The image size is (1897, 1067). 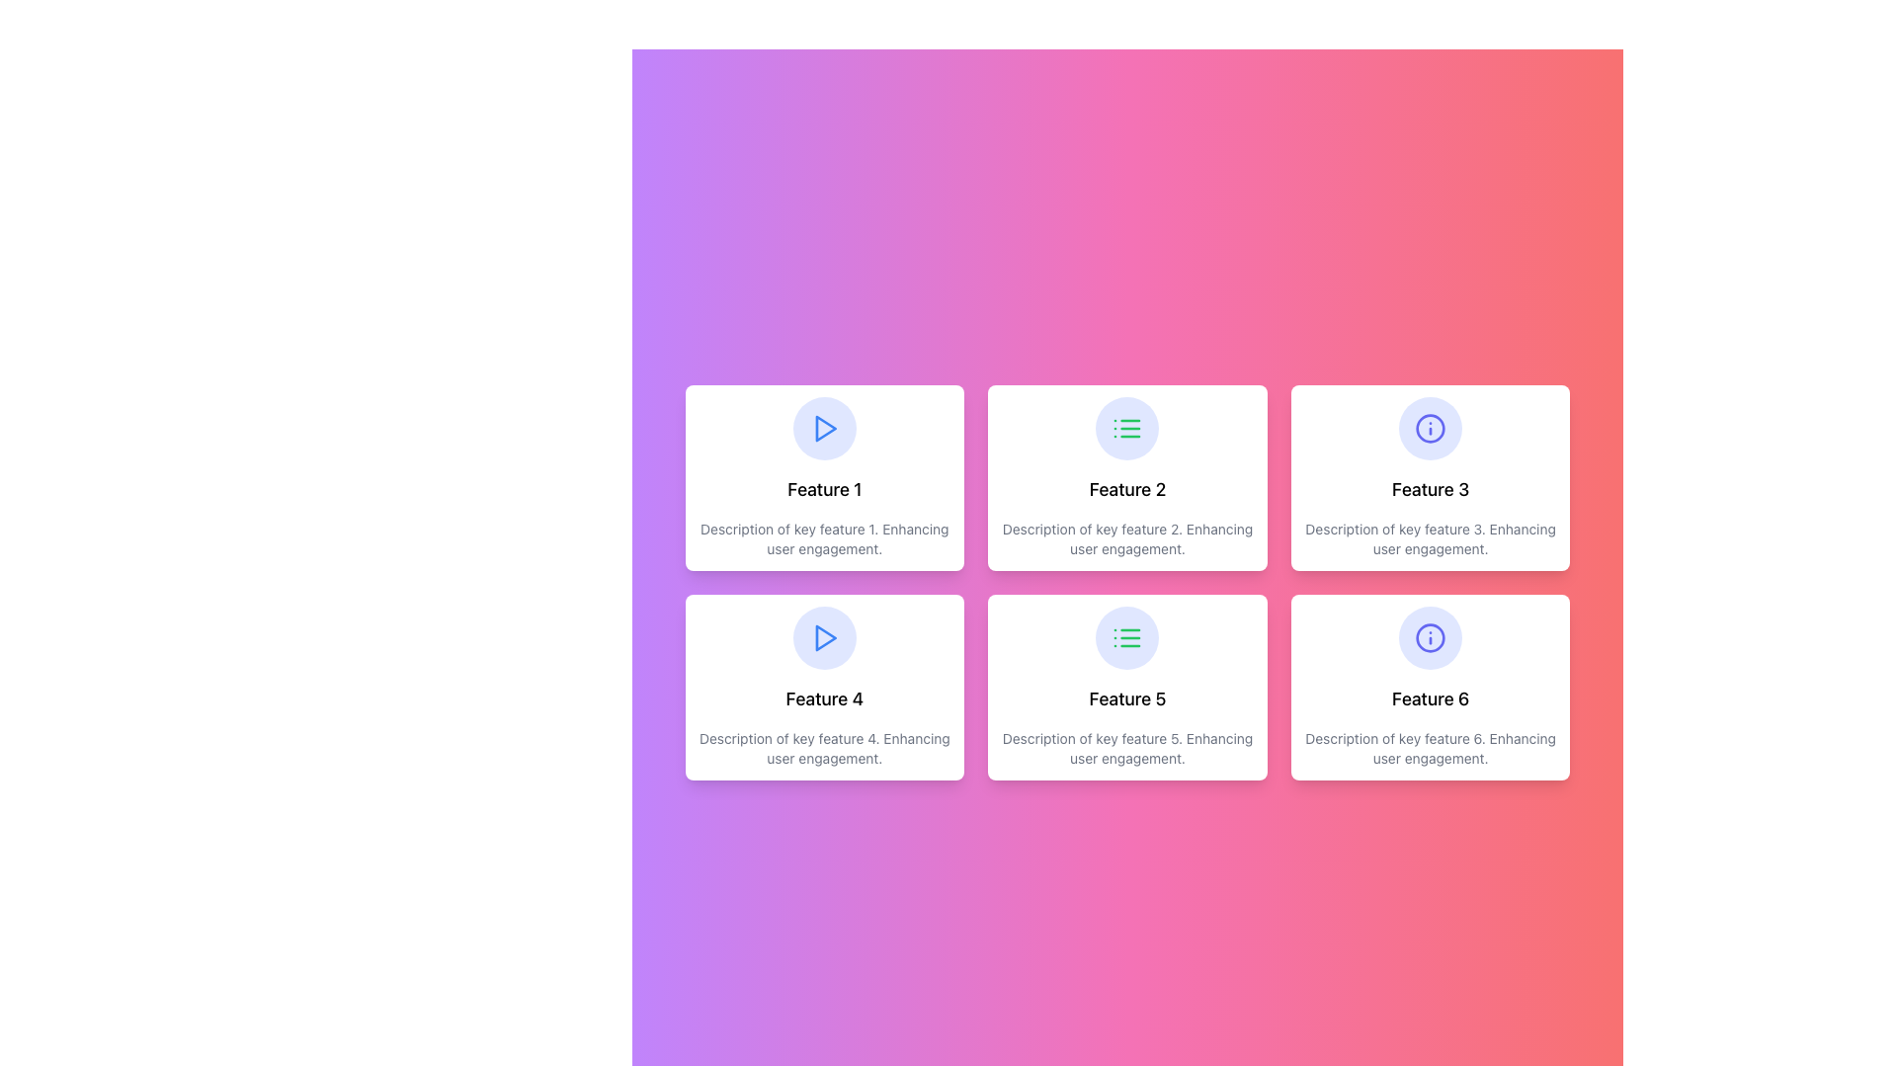 I want to click on the text label that serves as the title or header for the feature, located in the top-left corner of the first card in a grid of six cards, so click(x=824, y=489).